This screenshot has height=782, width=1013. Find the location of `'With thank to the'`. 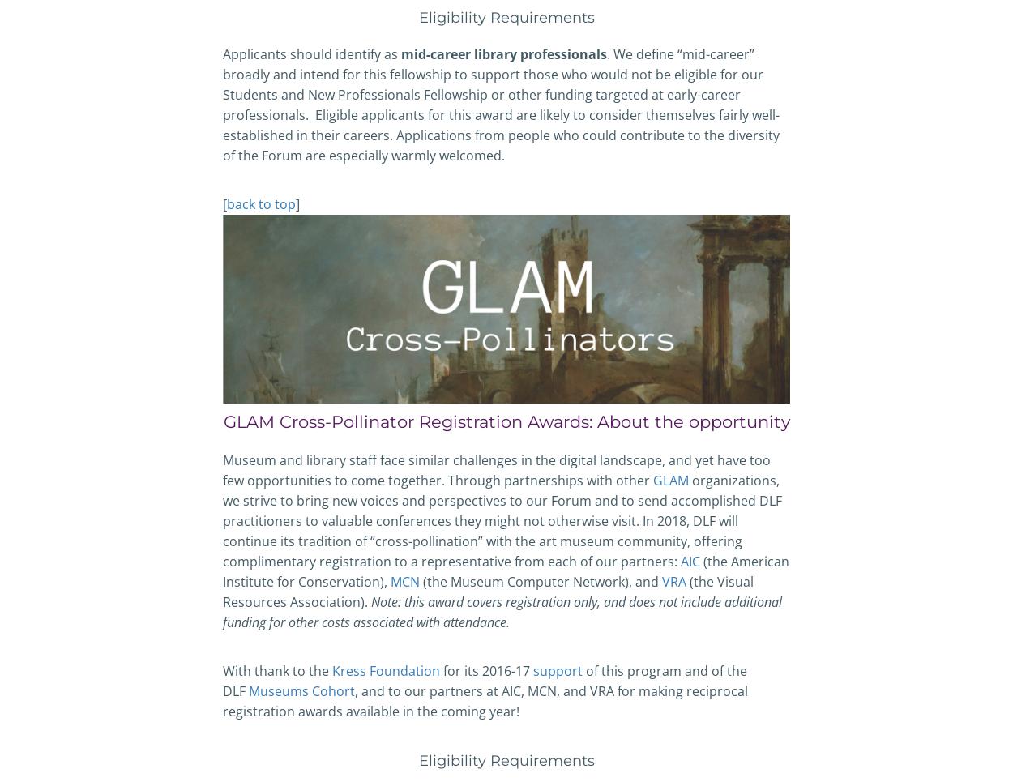

'With thank to the' is located at coordinates (276, 669).